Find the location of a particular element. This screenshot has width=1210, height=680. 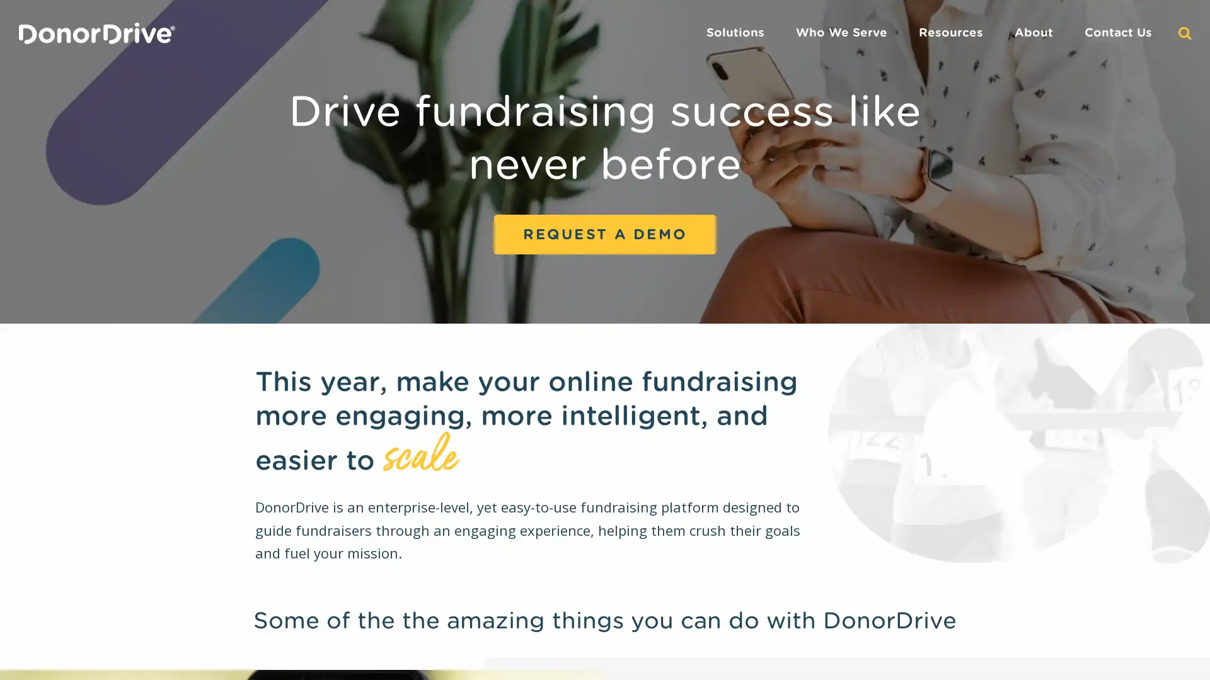

About is located at coordinates (1034, 31).